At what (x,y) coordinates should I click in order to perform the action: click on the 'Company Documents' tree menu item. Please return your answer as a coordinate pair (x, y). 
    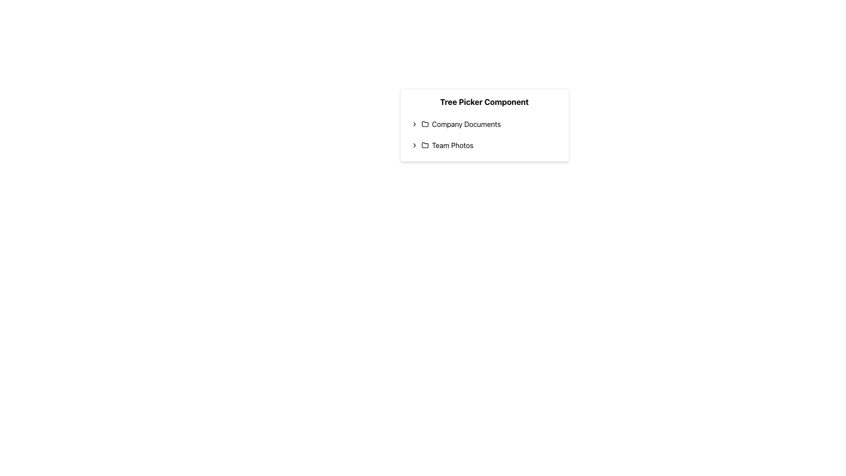
    Looking at the image, I should click on (484, 124).